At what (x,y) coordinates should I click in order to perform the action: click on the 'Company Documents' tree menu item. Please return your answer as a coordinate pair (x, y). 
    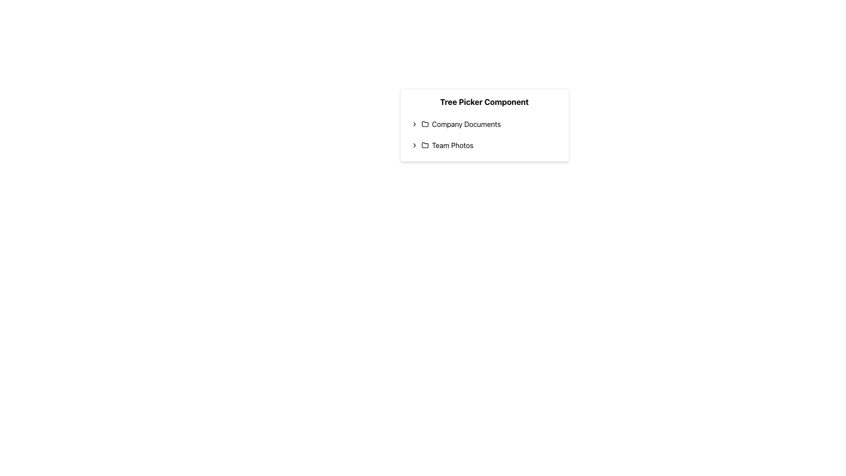
    Looking at the image, I should click on (484, 124).